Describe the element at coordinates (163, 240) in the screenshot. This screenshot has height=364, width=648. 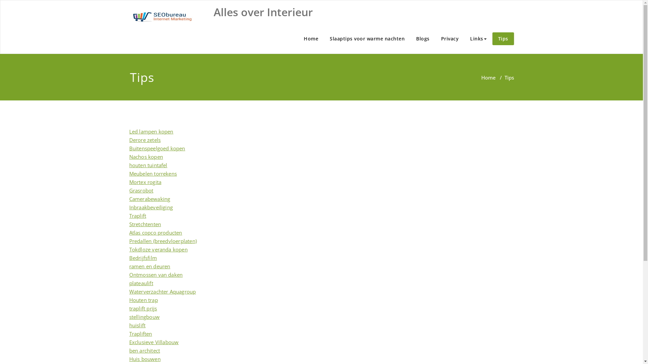
I see `'Predallen (breedvloerplaten)'` at that location.